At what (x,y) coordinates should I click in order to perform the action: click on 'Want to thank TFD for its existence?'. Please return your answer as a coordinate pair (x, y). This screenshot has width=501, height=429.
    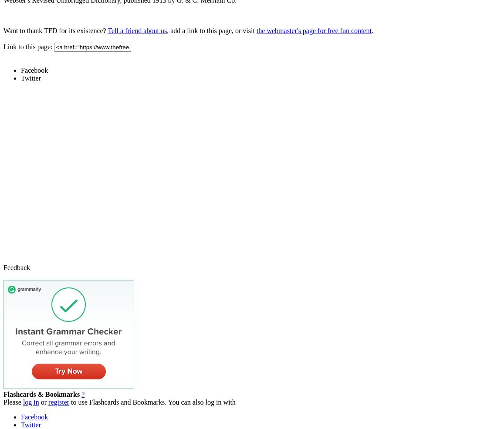
    Looking at the image, I should click on (55, 30).